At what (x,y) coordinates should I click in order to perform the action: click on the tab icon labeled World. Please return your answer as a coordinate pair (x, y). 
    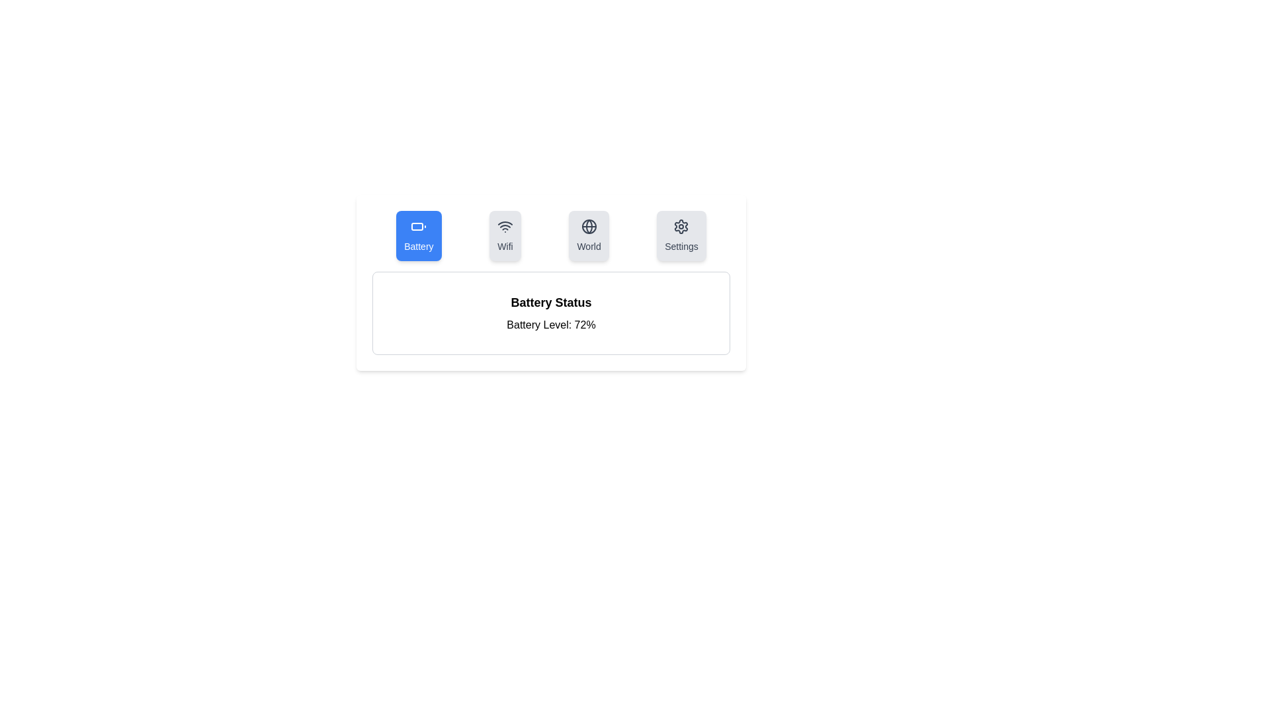
    Looking at the image, I should click on (588, 235).